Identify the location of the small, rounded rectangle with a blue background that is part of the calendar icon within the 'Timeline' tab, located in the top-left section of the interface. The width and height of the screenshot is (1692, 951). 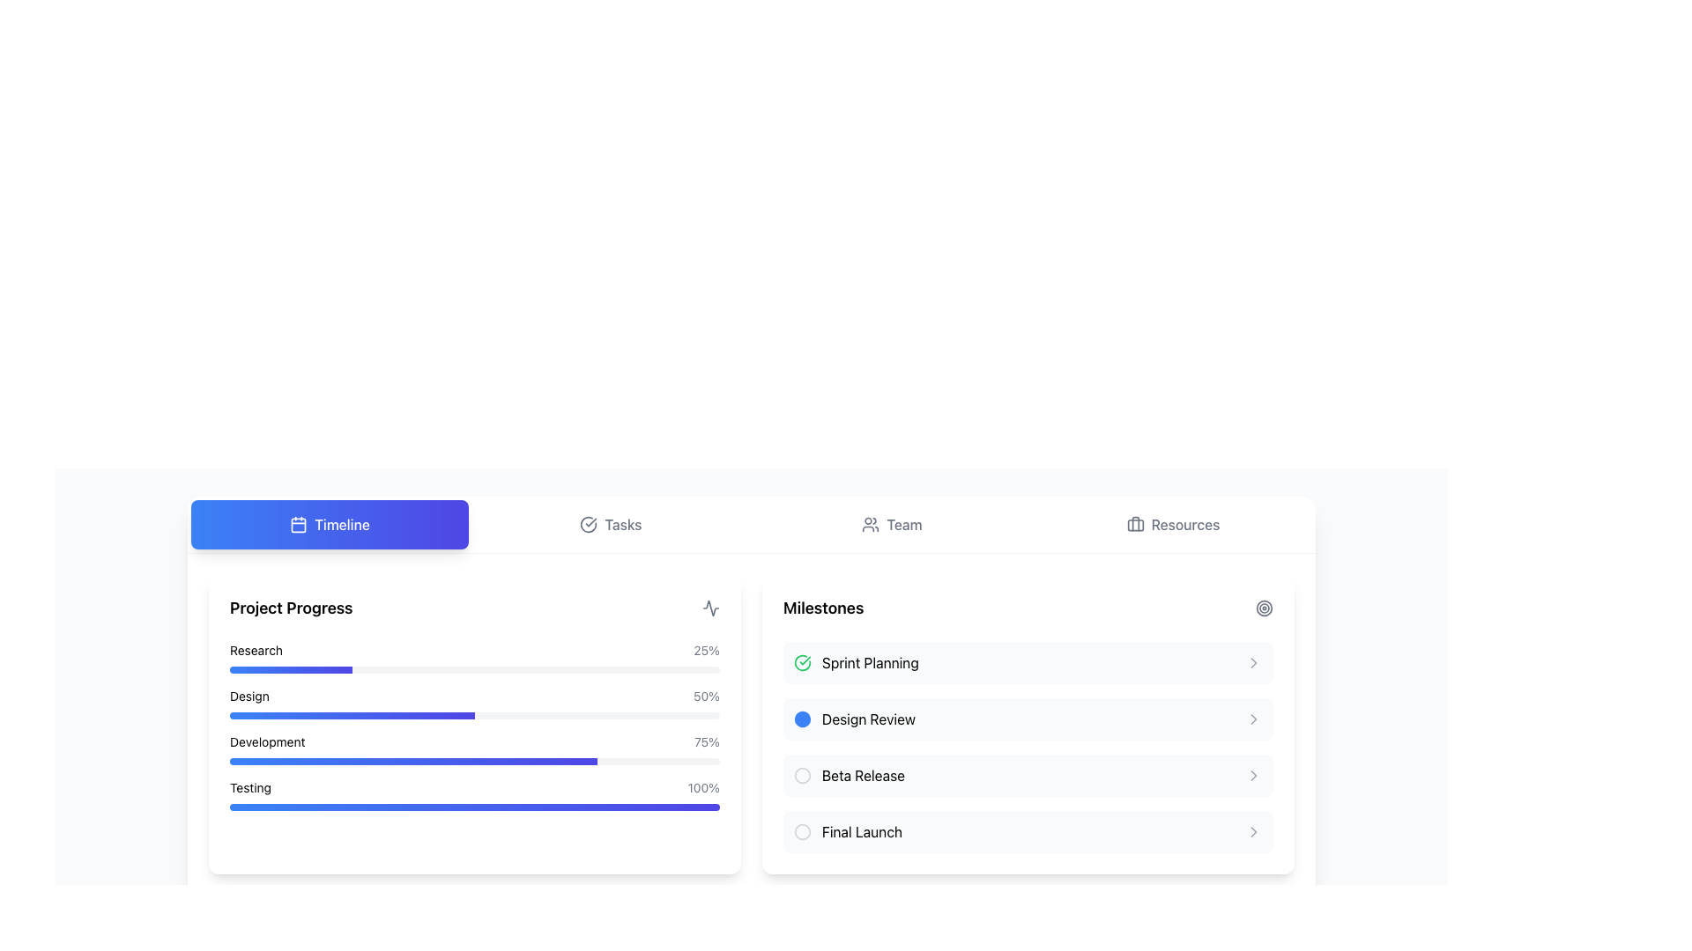
(299, 524).